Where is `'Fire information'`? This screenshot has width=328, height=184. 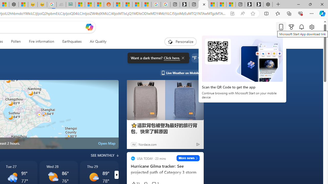 'Fire information' is located at coordinates (41, 41).